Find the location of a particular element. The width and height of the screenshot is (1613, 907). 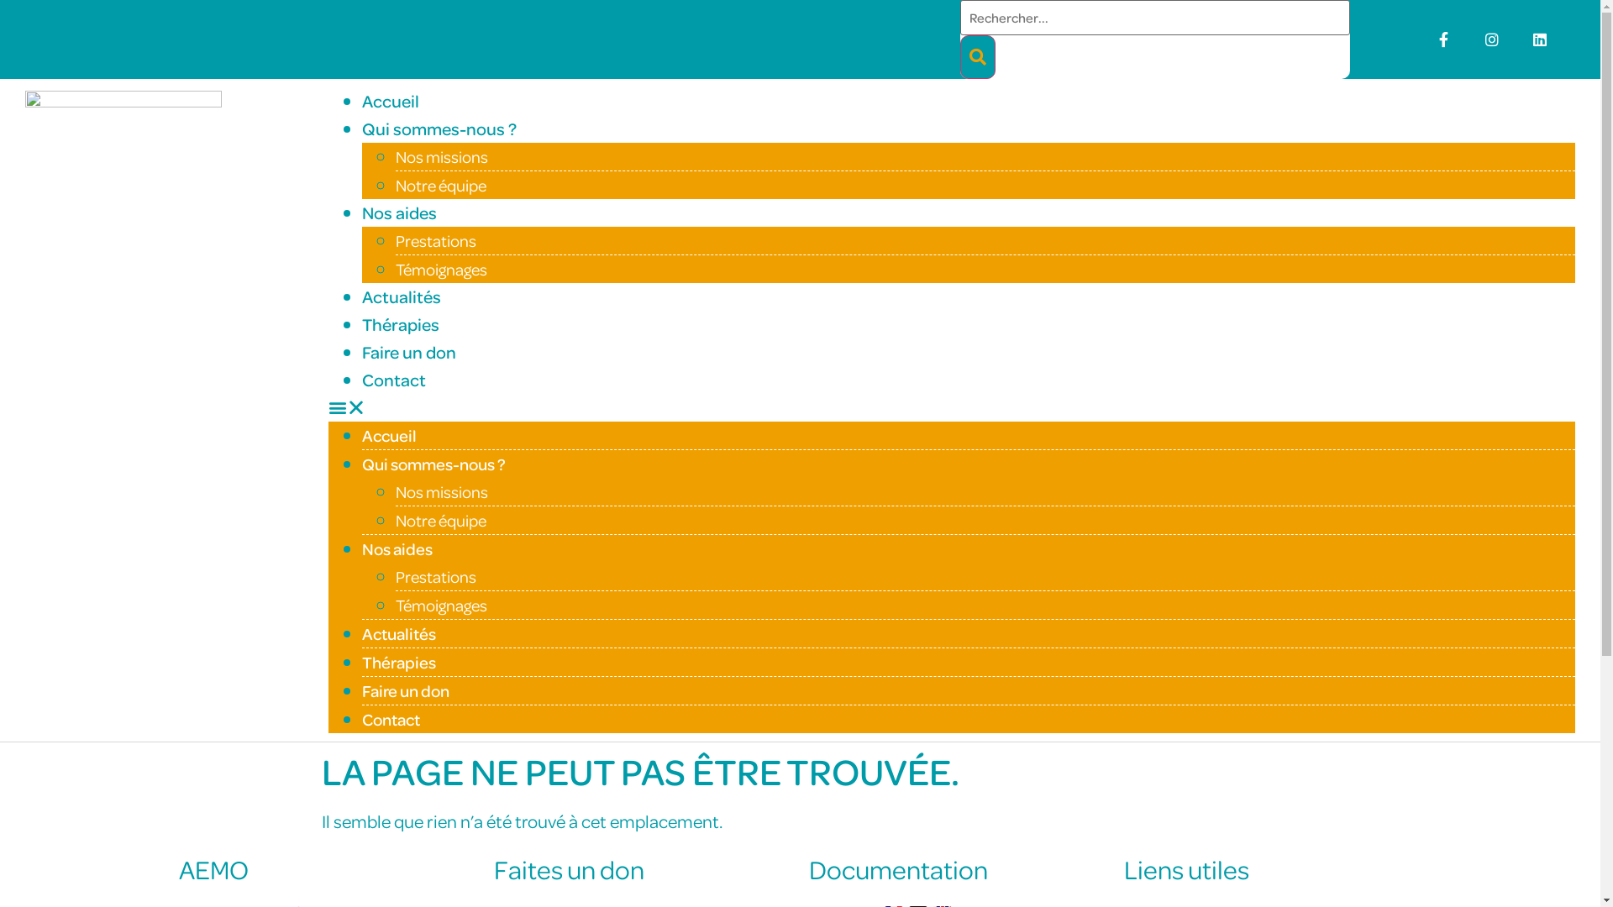

'Contact' is located at coordinates (361, 718).